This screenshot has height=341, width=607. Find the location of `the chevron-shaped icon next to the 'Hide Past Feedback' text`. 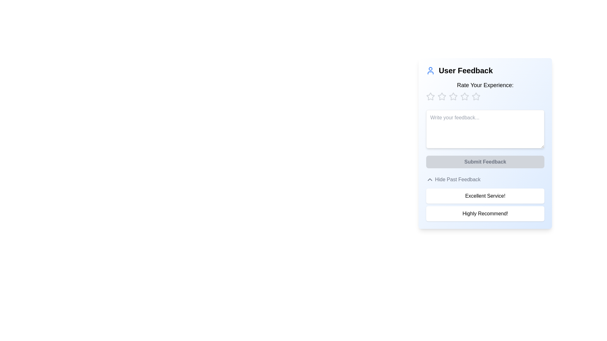

the chevron-shaped icon next to the 'Hide Past Feedback' text is located at coordinates (430, 180).